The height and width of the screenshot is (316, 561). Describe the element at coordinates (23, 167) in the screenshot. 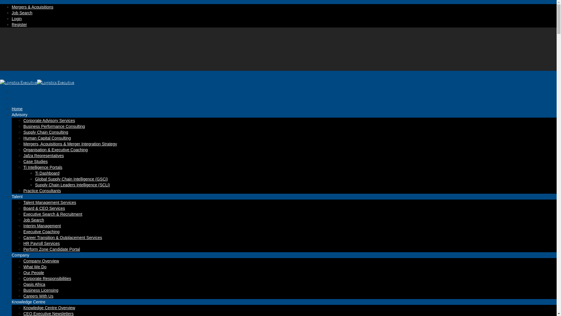

I see `'Ti Intelligence Portals'` at that location.